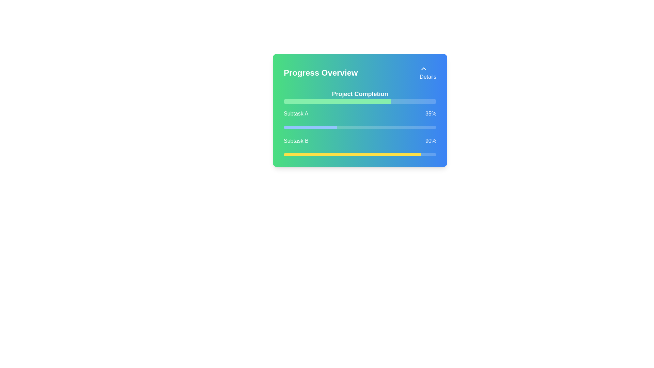 The height and width of the screenshot is (368, 654). I want to click on progress bar located beneath the text 'Project Completion', which is a horizontal bar with a light gray background and a green filled section, indicating progress, so click(359, 101).